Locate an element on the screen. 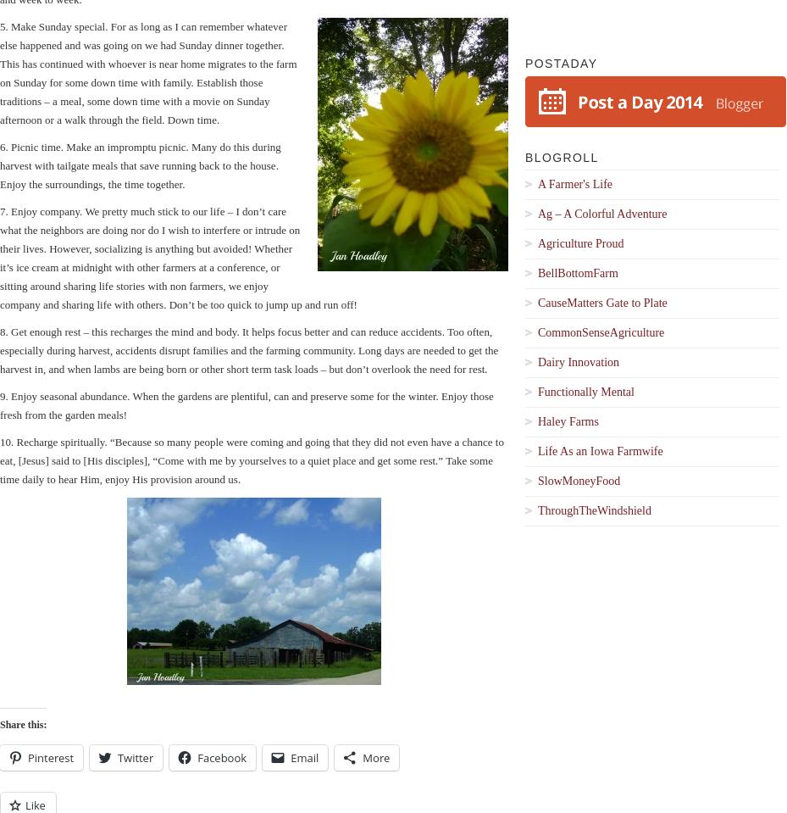 Image resolution: width=787 pixels, height=813 pixels. 'A Farmer's Life' is located at coordinates (575, 184).